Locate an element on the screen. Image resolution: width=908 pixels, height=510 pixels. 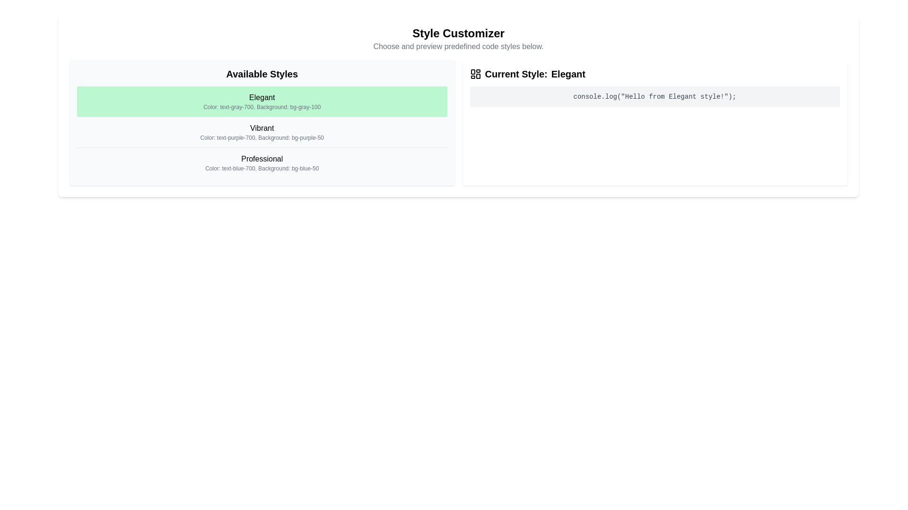
displayed text from the text block styled with a monospaced font, light gray background, and gray text color, containing the code snippet 'console.log("Hello from Elegant style!");' is located at coordinates (654, 96).